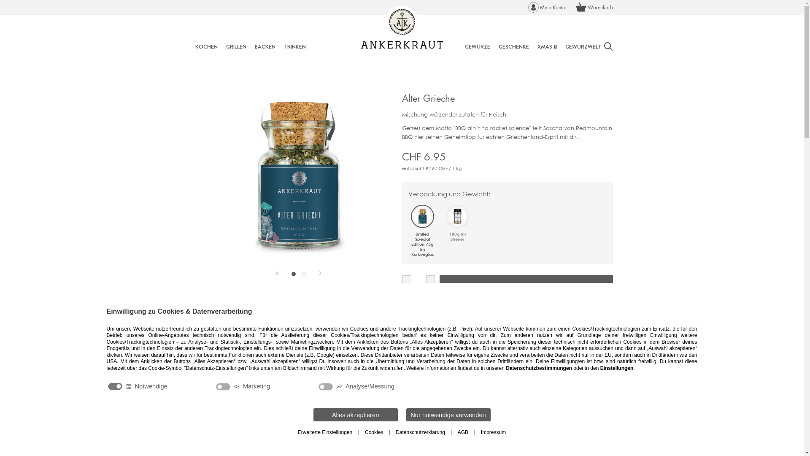 The image size is (810, 456). Describe the element at coordinates (447, 414) in the screenshot. I see `'Nur notwendige verwenden'` at that location.